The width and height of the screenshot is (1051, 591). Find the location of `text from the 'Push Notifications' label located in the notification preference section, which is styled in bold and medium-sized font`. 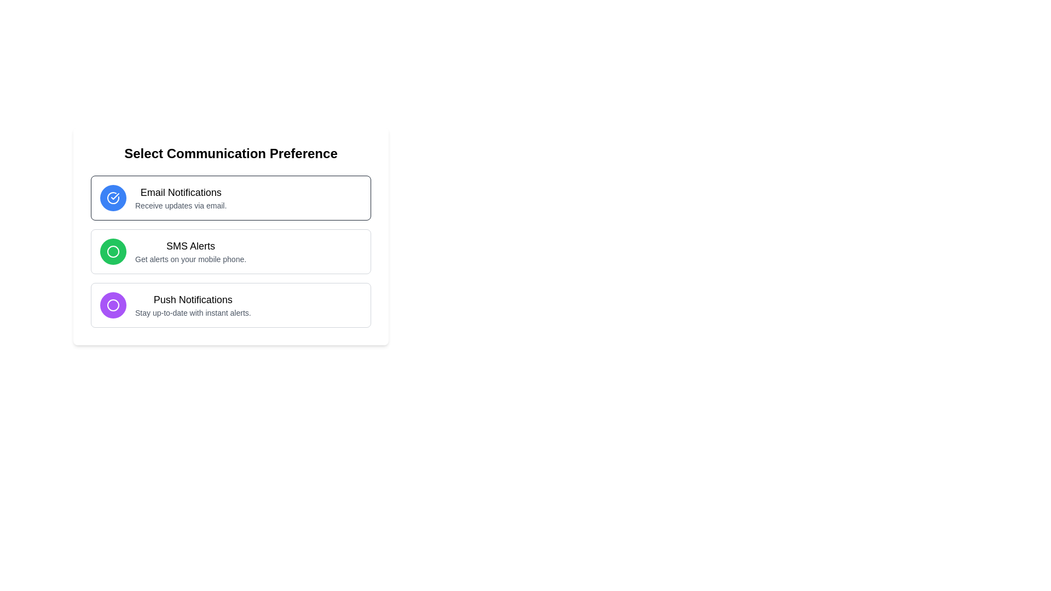

text from the 'Push Notifications' label located in the notification preference section, which is styled in bold and medium-sized font is located at coordinates (193, 299).